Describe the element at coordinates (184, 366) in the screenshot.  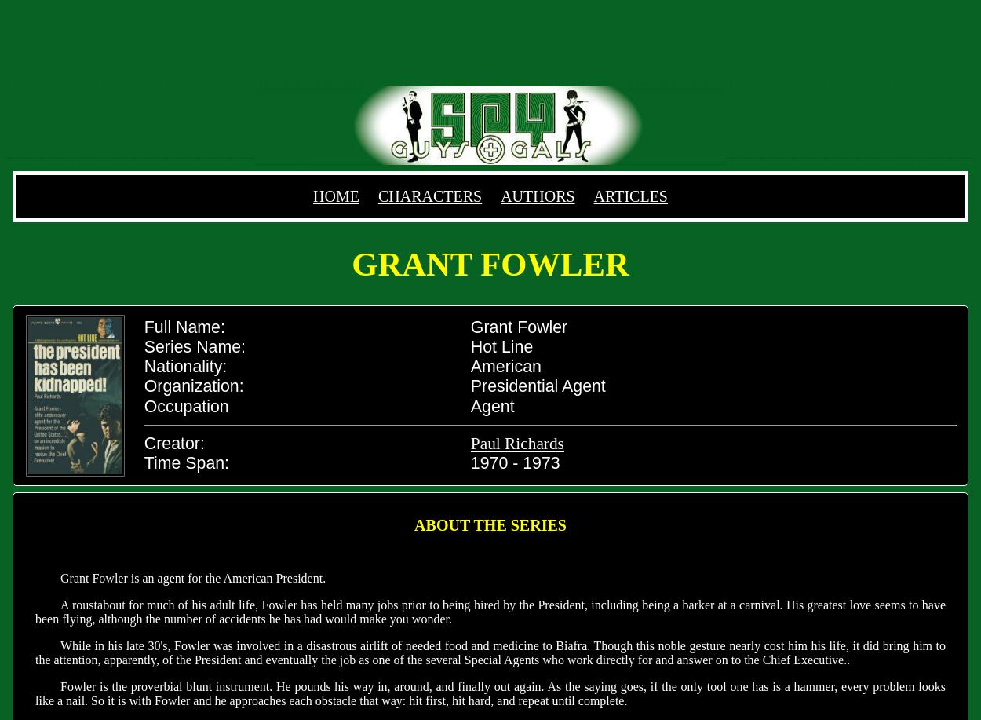
I see `'Nationality:'` at that location.